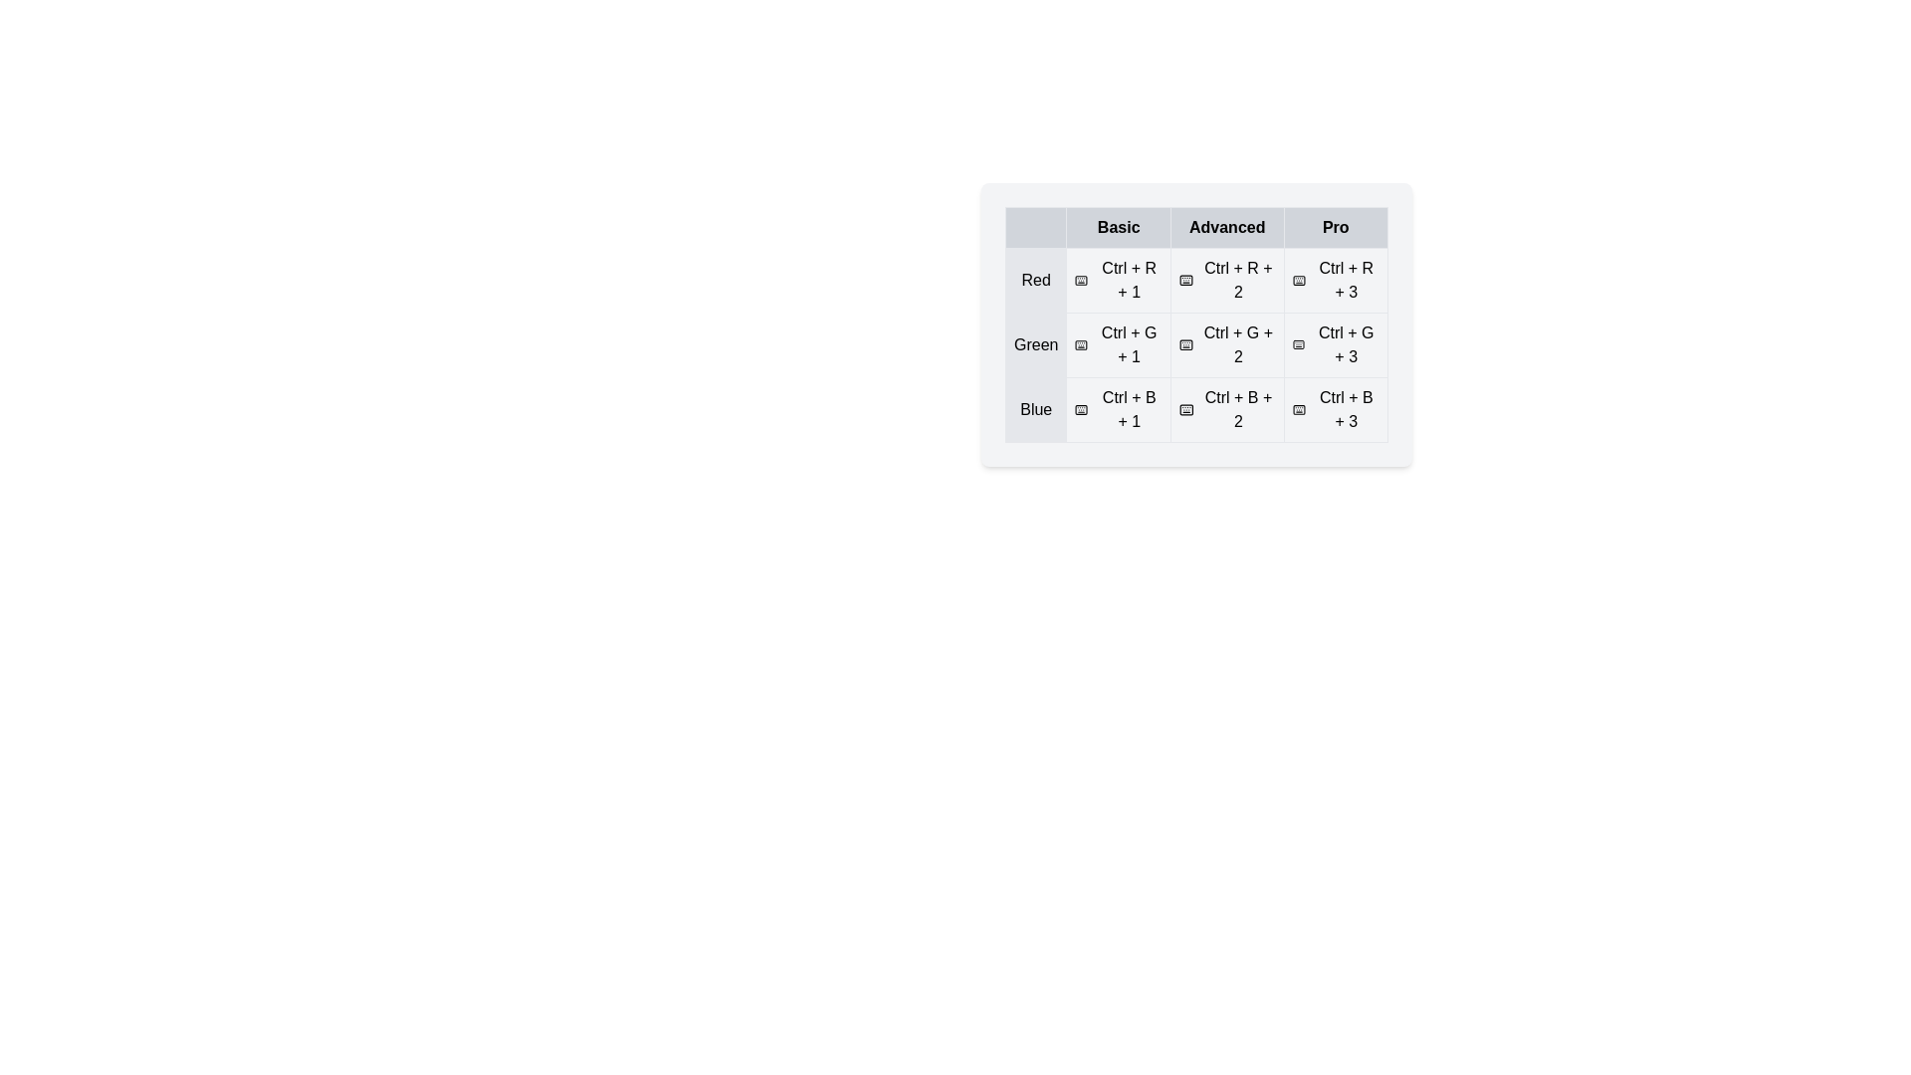 The width and height of the screenshot is (1911, 1075). I want to click on the static text label 'Pro' which serves as a header in the table layout, positioned third from the left after 'Basic' and 'Advanced', so click(1336, 226).